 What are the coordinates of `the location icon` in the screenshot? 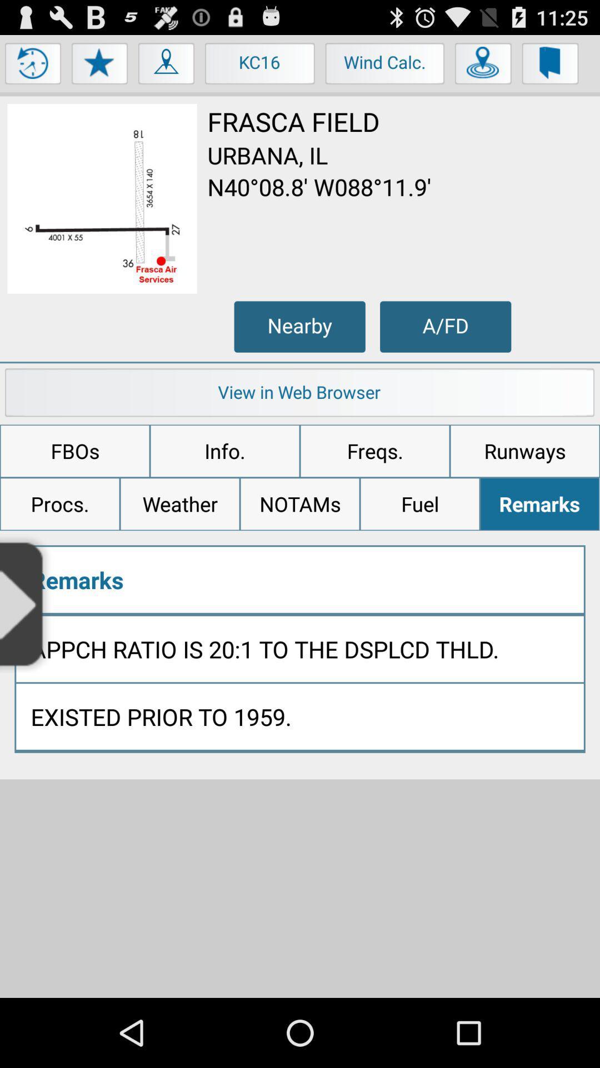 It's located at (167, 71).